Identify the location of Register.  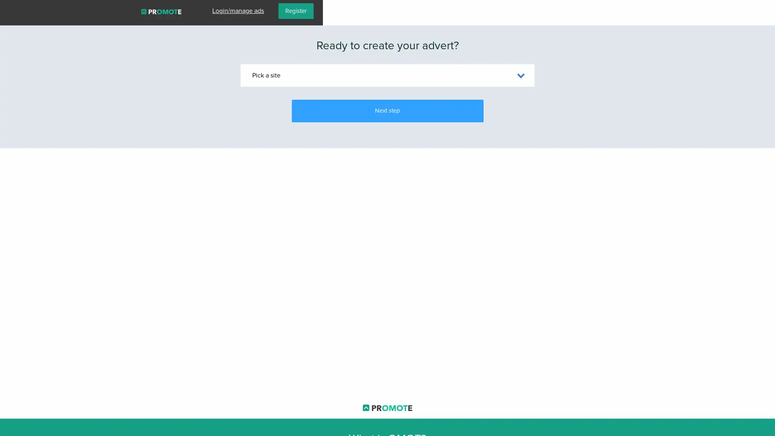
(748, 11).